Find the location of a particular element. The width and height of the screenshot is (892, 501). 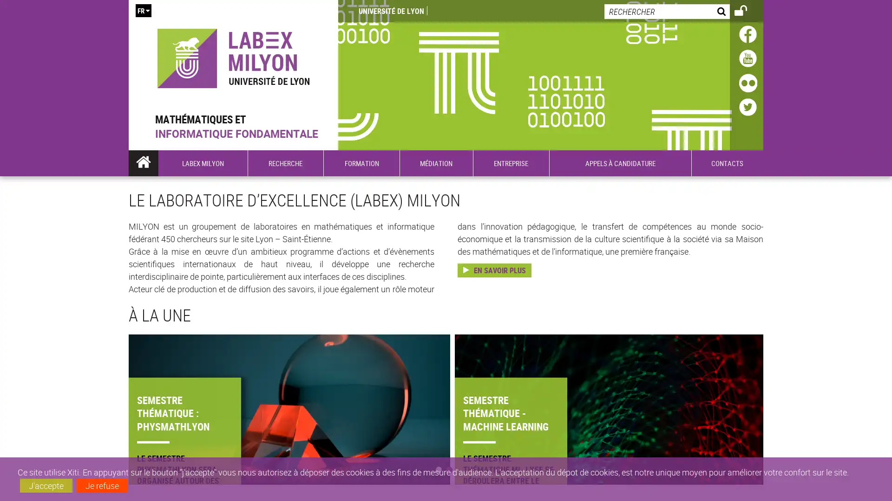

ENTREPRISE is located at coordinates (510, 162).